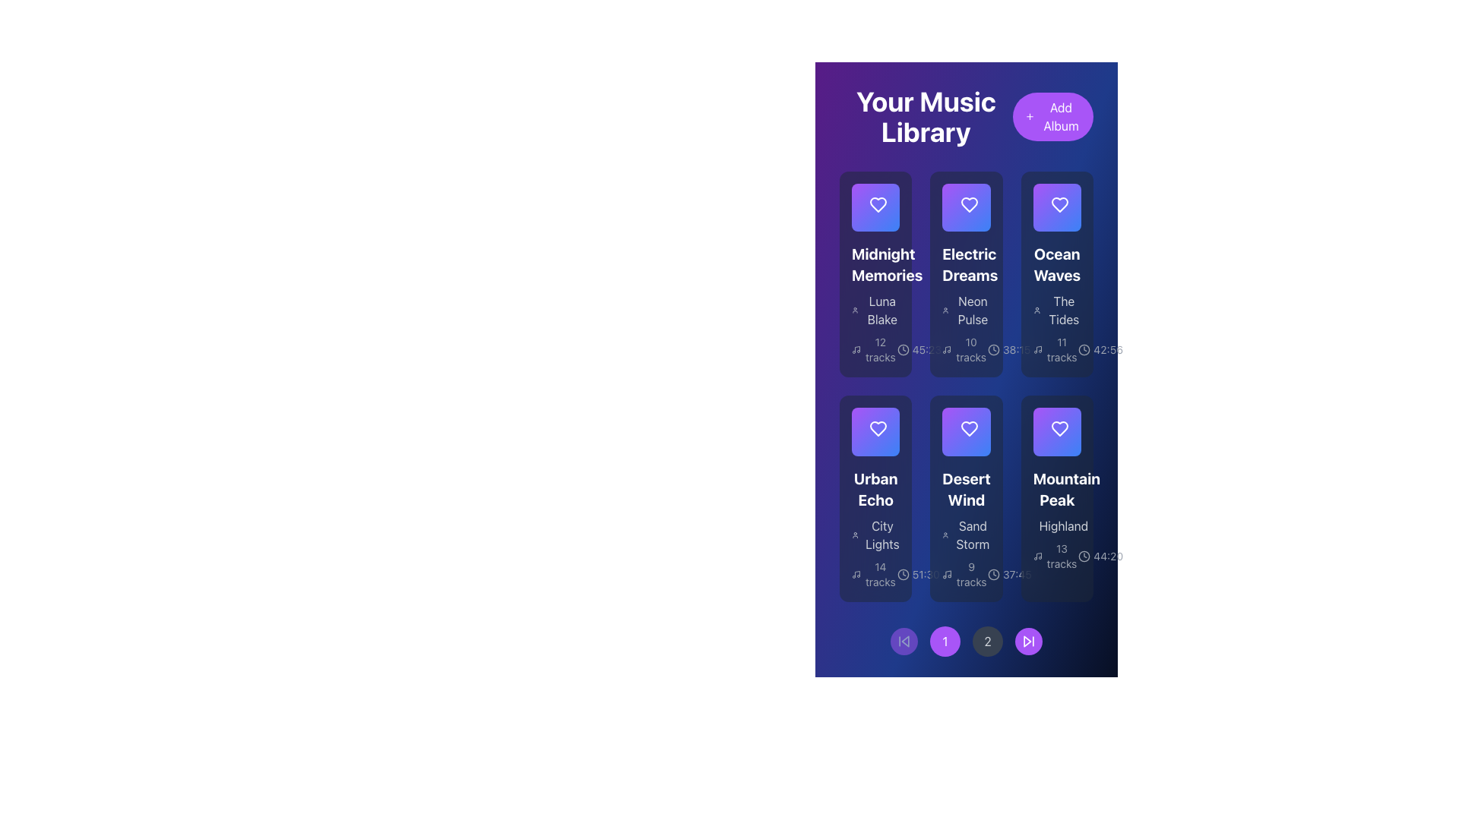  Describe the element at coordinates (966, 432) in the screenshot. I see `the triangular play icon with a purple stroke inside the circular button labeled 'Desert Wind'` at that location.